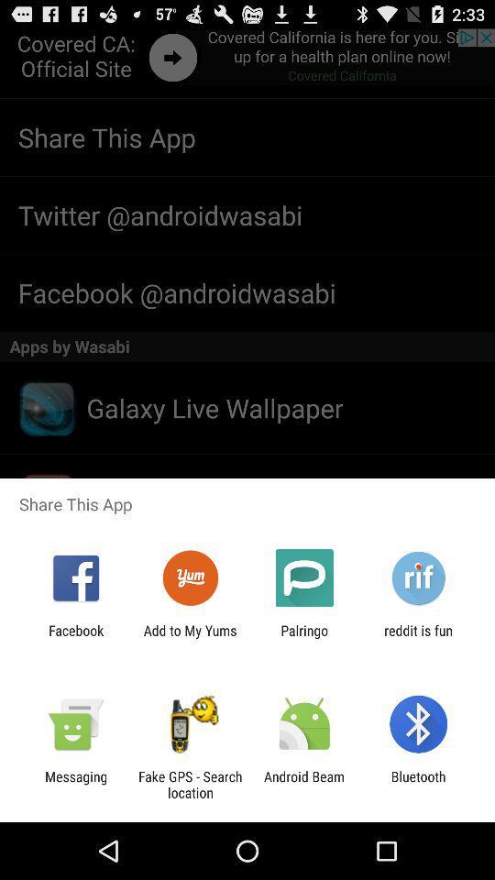 The width and height of the screenshot is (495, 880). I want to click on the icon next to the android beam icon, so click(418, 784).